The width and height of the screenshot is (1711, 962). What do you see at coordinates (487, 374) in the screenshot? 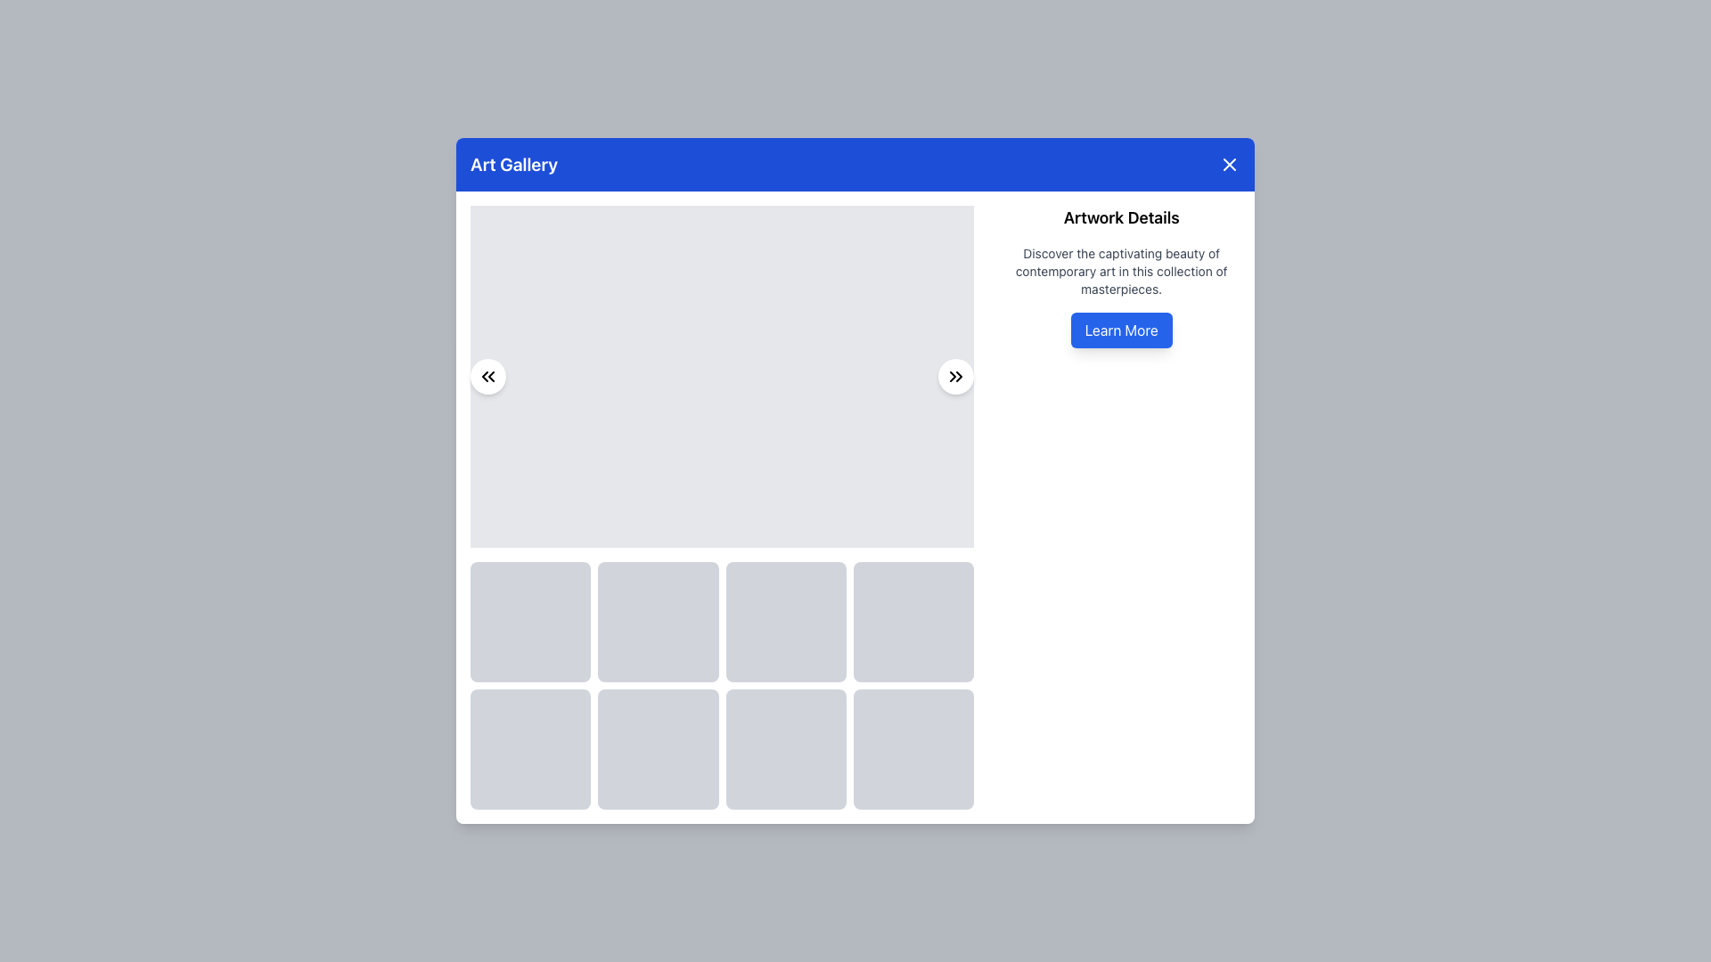
I see `the circular button containing the Icon used for left navigation in the gallery interface for visual feedback` at bounding box center [487, 374].